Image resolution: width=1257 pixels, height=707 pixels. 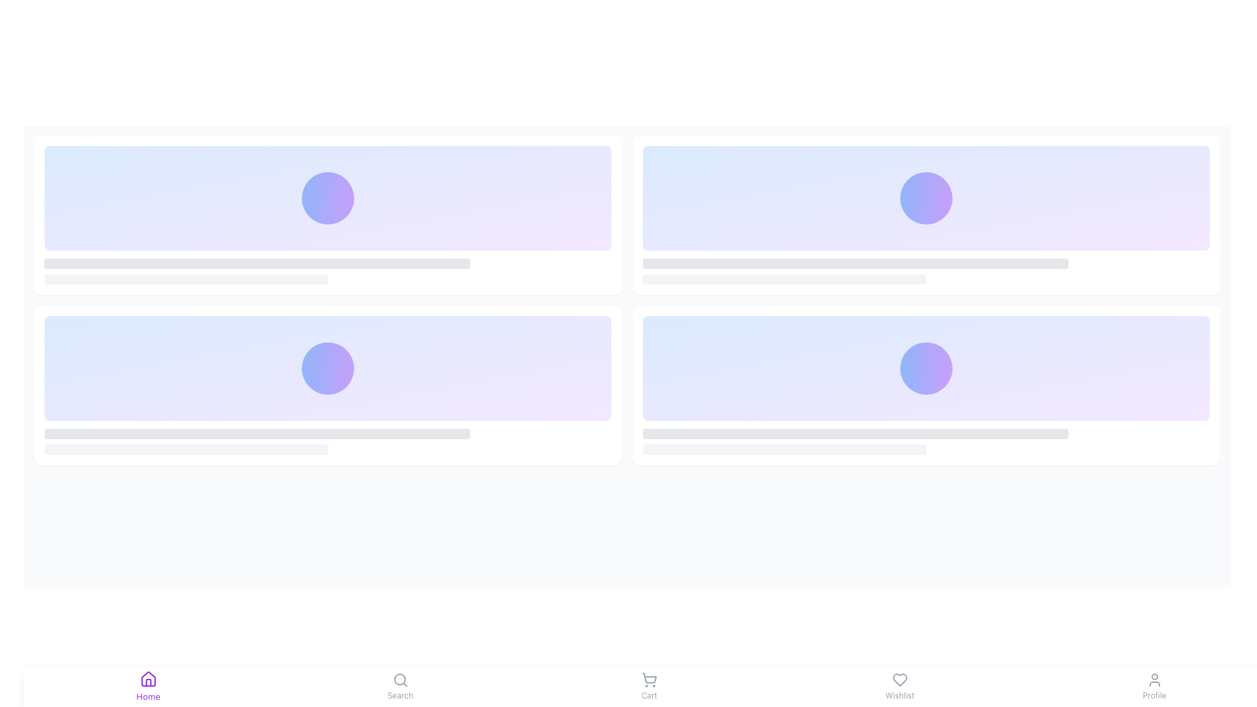 I want to click on the progress bar located beneath the wider bar, which has a light gray background and rounded corners, centered horizontally in the lower-right quadrant of the layout, so click(x=784, y=279).